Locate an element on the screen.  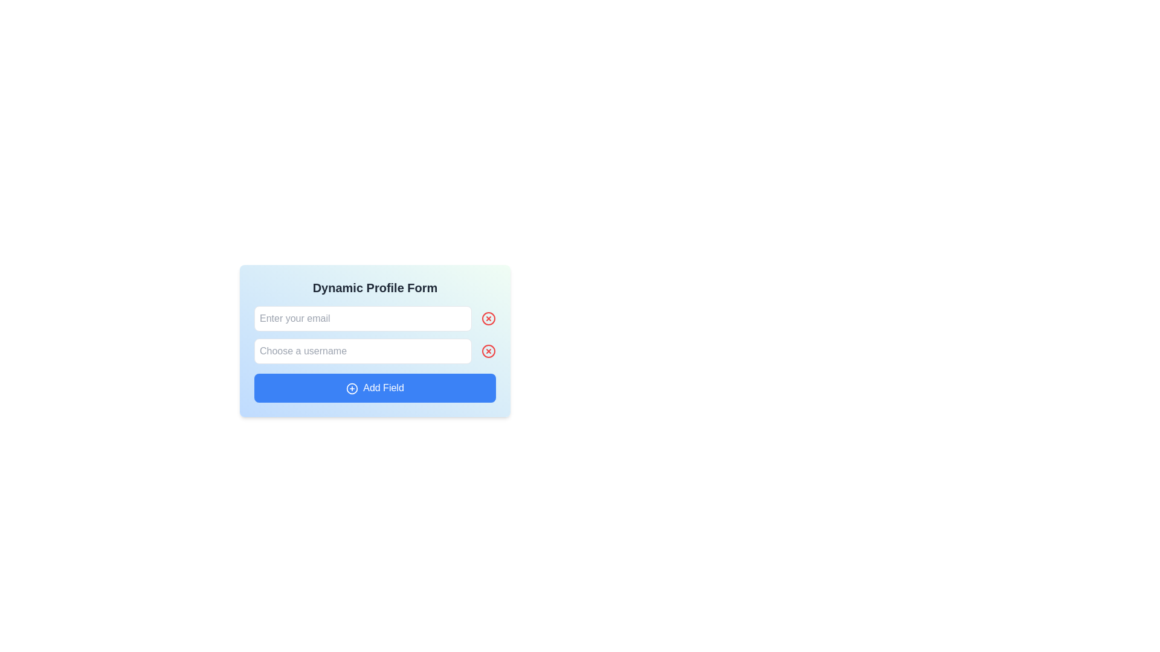
the inner circular shape of the '+' icon within the blue 'Add Field' button located below the email and username text fields is located at coordinates (352, 388).